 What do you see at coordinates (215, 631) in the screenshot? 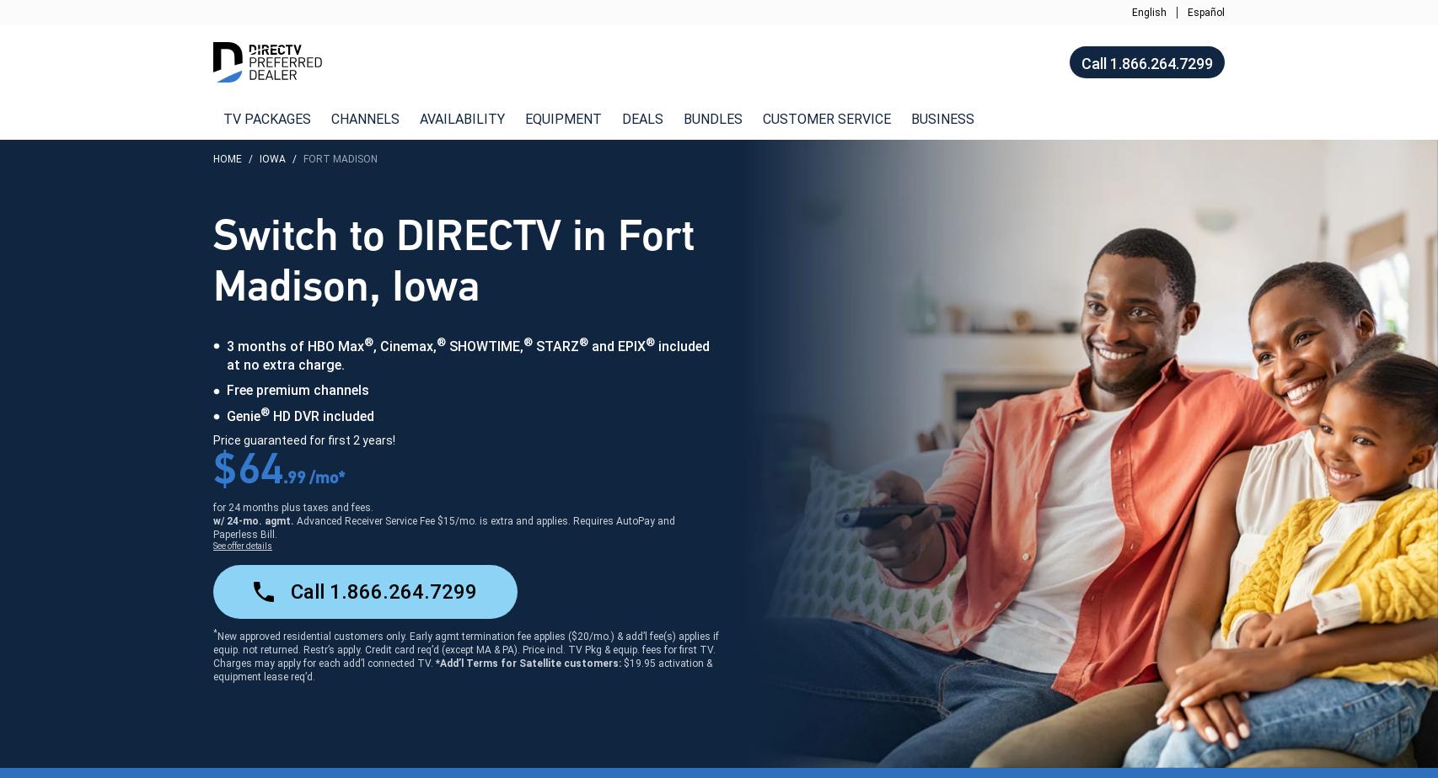
I see `'*'` at bounding box center [215, 631].